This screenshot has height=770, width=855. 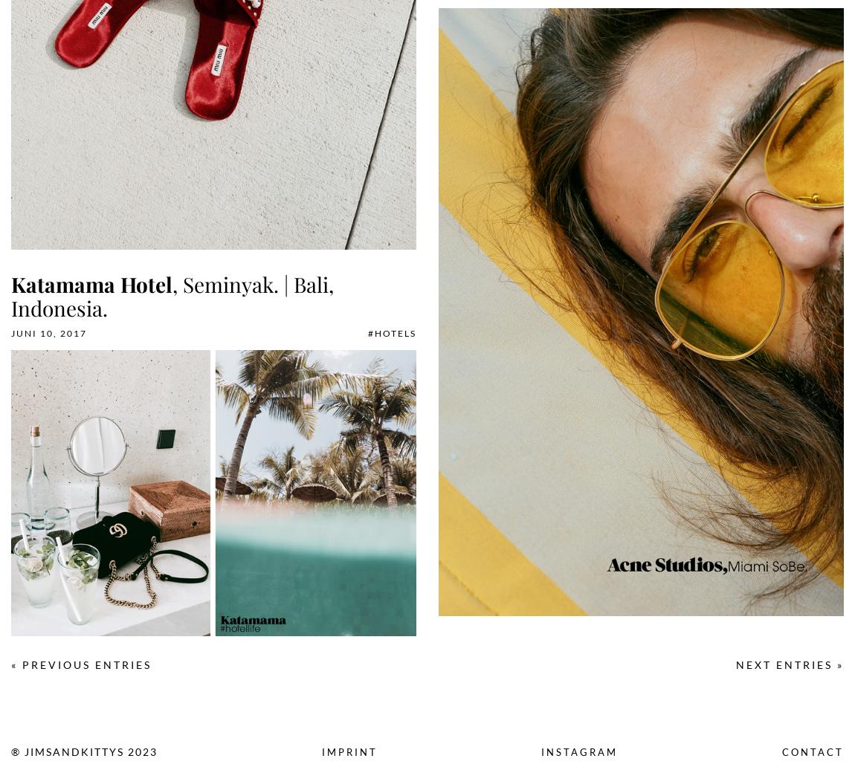 I want to click on 'Next Entries »', so click(x=790, y=664).